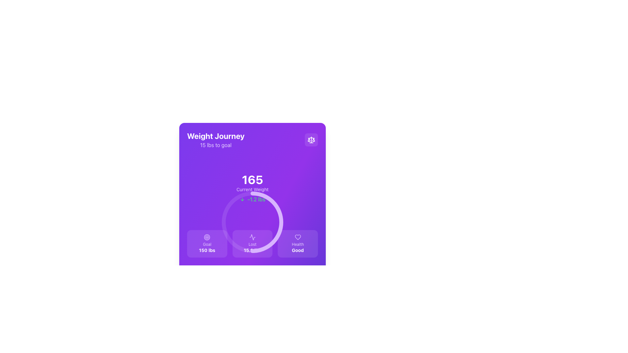  Describe the element at coordinates (242, 199) in the screenshot. I see `the small green downward arrow icon located to the left of the text '-1.2 lbs'` at that location.